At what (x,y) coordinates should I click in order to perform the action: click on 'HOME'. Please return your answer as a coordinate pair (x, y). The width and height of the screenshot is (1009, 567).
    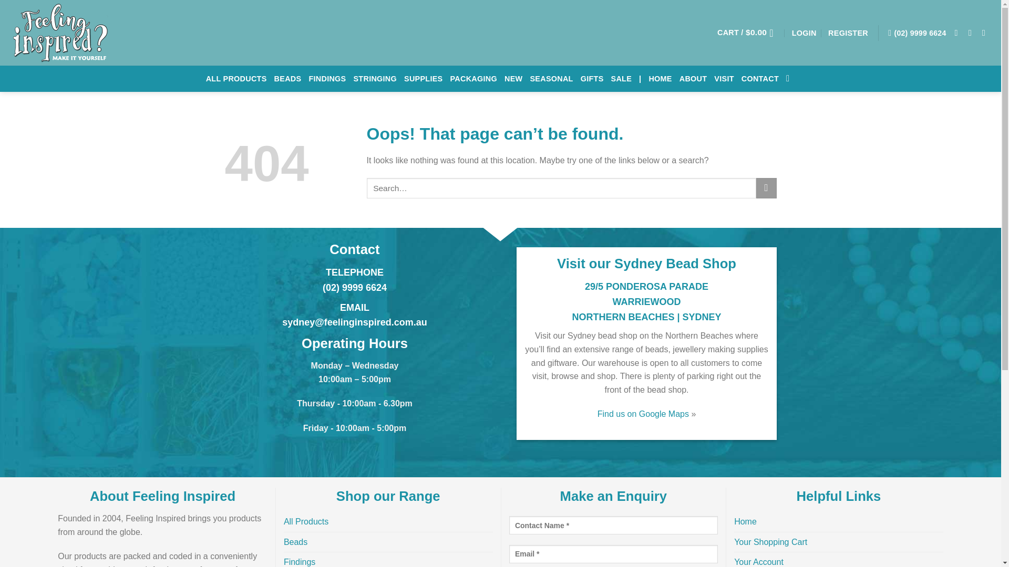
    Looking at the image, I should click on (660, 78).